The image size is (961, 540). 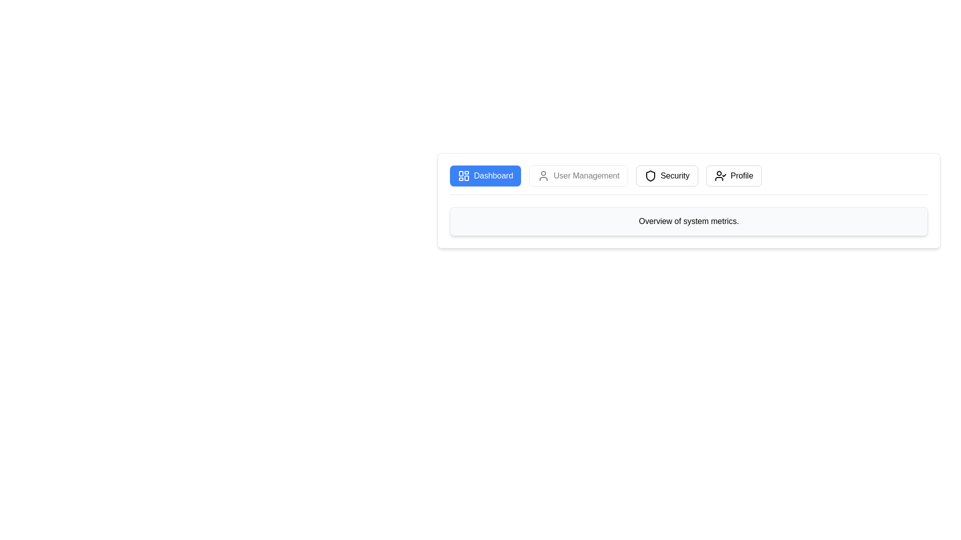 I want to click on the 'Dashboard' button located in the top-left of the horizontal navigation menu, so click(x=486, y=175).